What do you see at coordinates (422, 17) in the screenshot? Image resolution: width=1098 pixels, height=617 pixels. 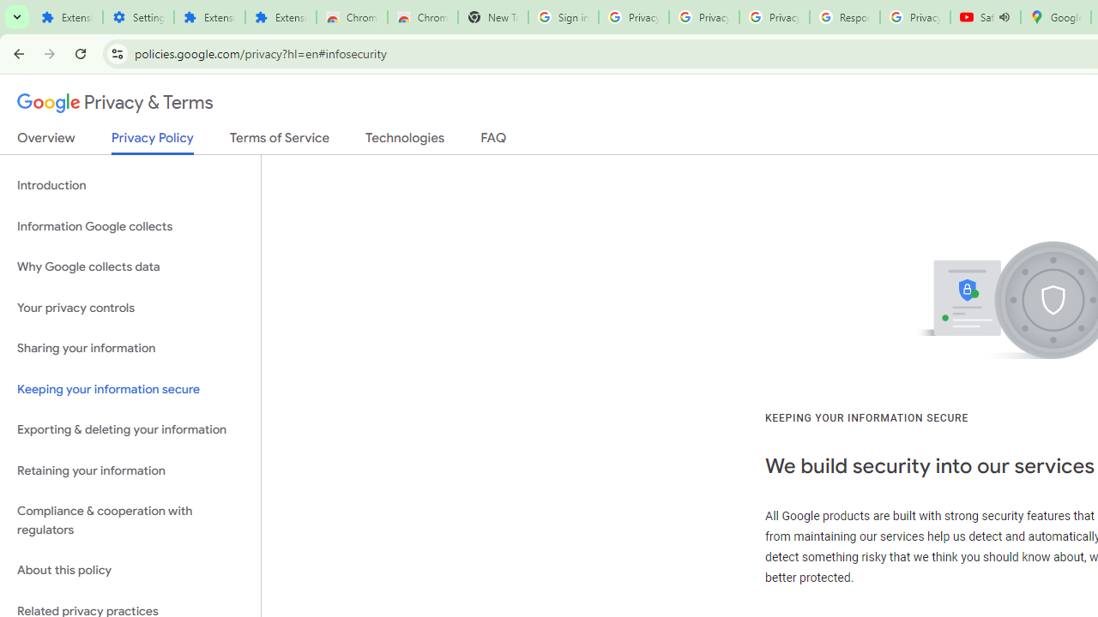 I see `'Chrome Web Store - Themes'` at bounding box center [422, 17].